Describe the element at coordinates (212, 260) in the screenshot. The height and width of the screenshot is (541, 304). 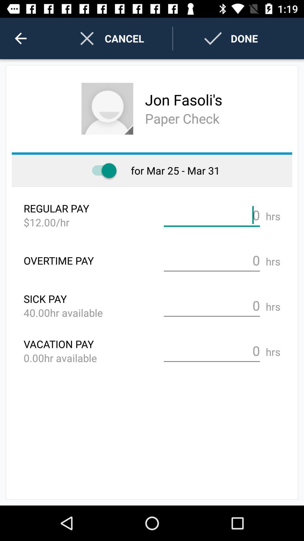
I see `the text field which is right to the text overtime pay` at that location.